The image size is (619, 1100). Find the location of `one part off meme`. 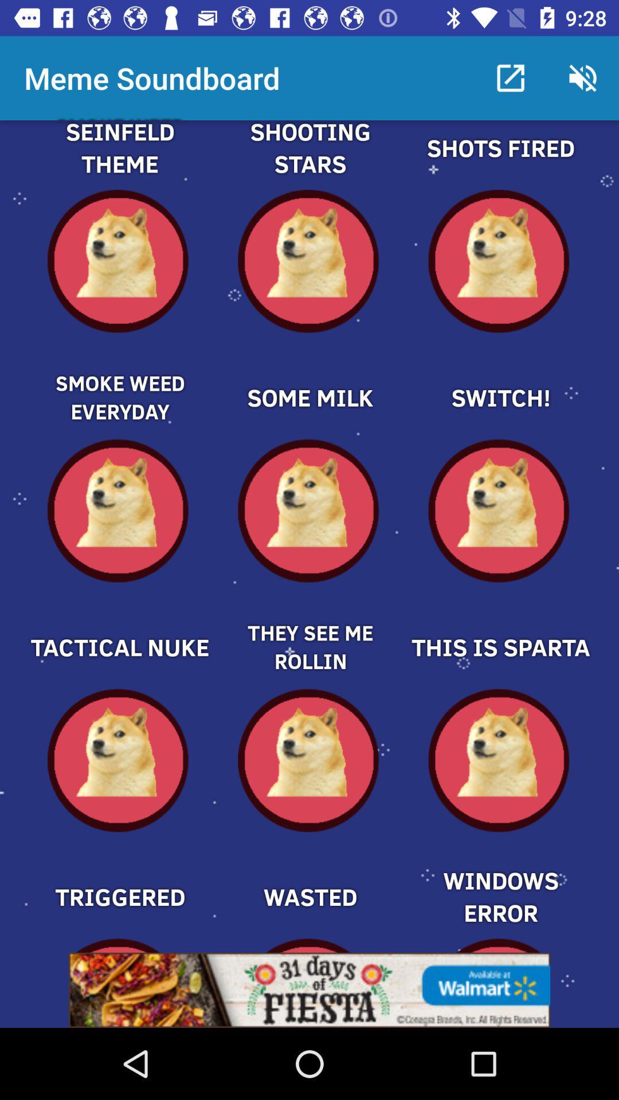

one part off meme is located at coordinates (499, 378).